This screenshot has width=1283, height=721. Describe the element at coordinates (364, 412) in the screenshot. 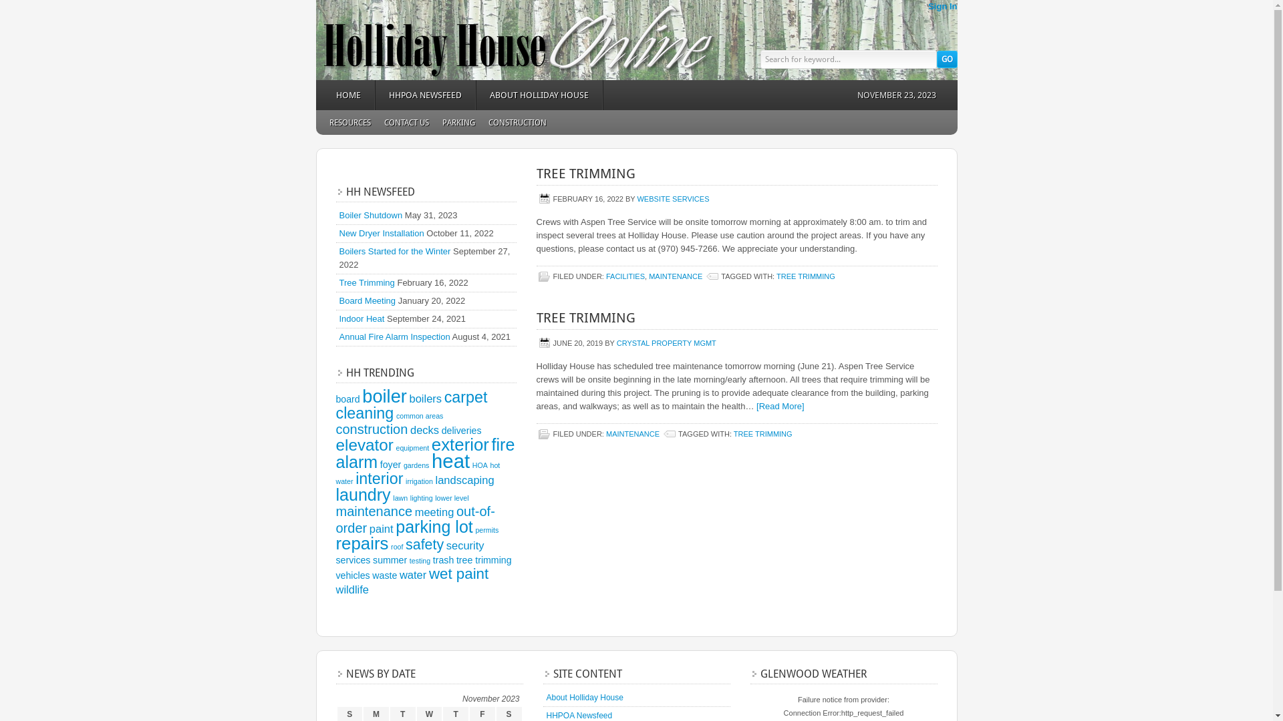

I see `'cleaning'` at that location.